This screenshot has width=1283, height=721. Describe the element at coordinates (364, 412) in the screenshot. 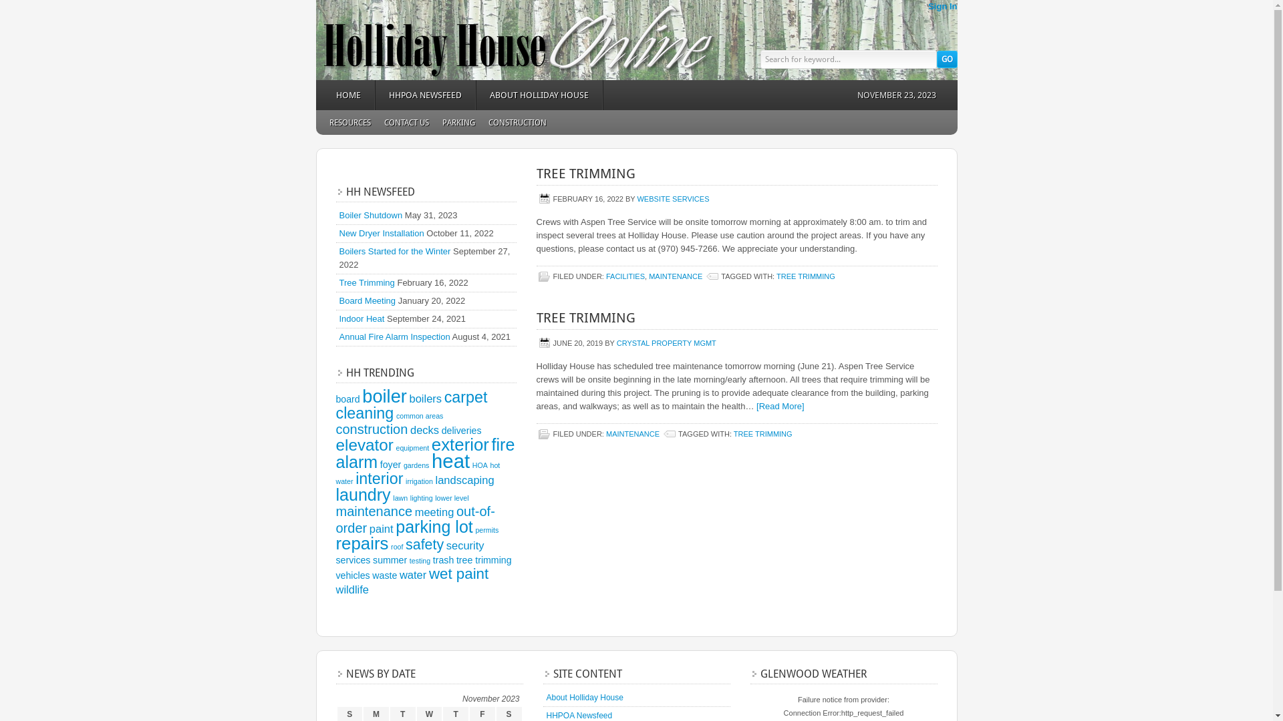

I see `'cleaning'` at that location.